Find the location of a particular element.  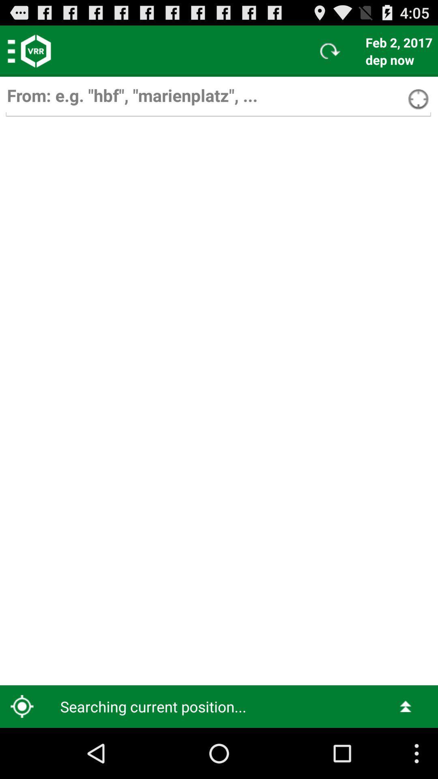

item at the center is located at coordinates (219, 402).